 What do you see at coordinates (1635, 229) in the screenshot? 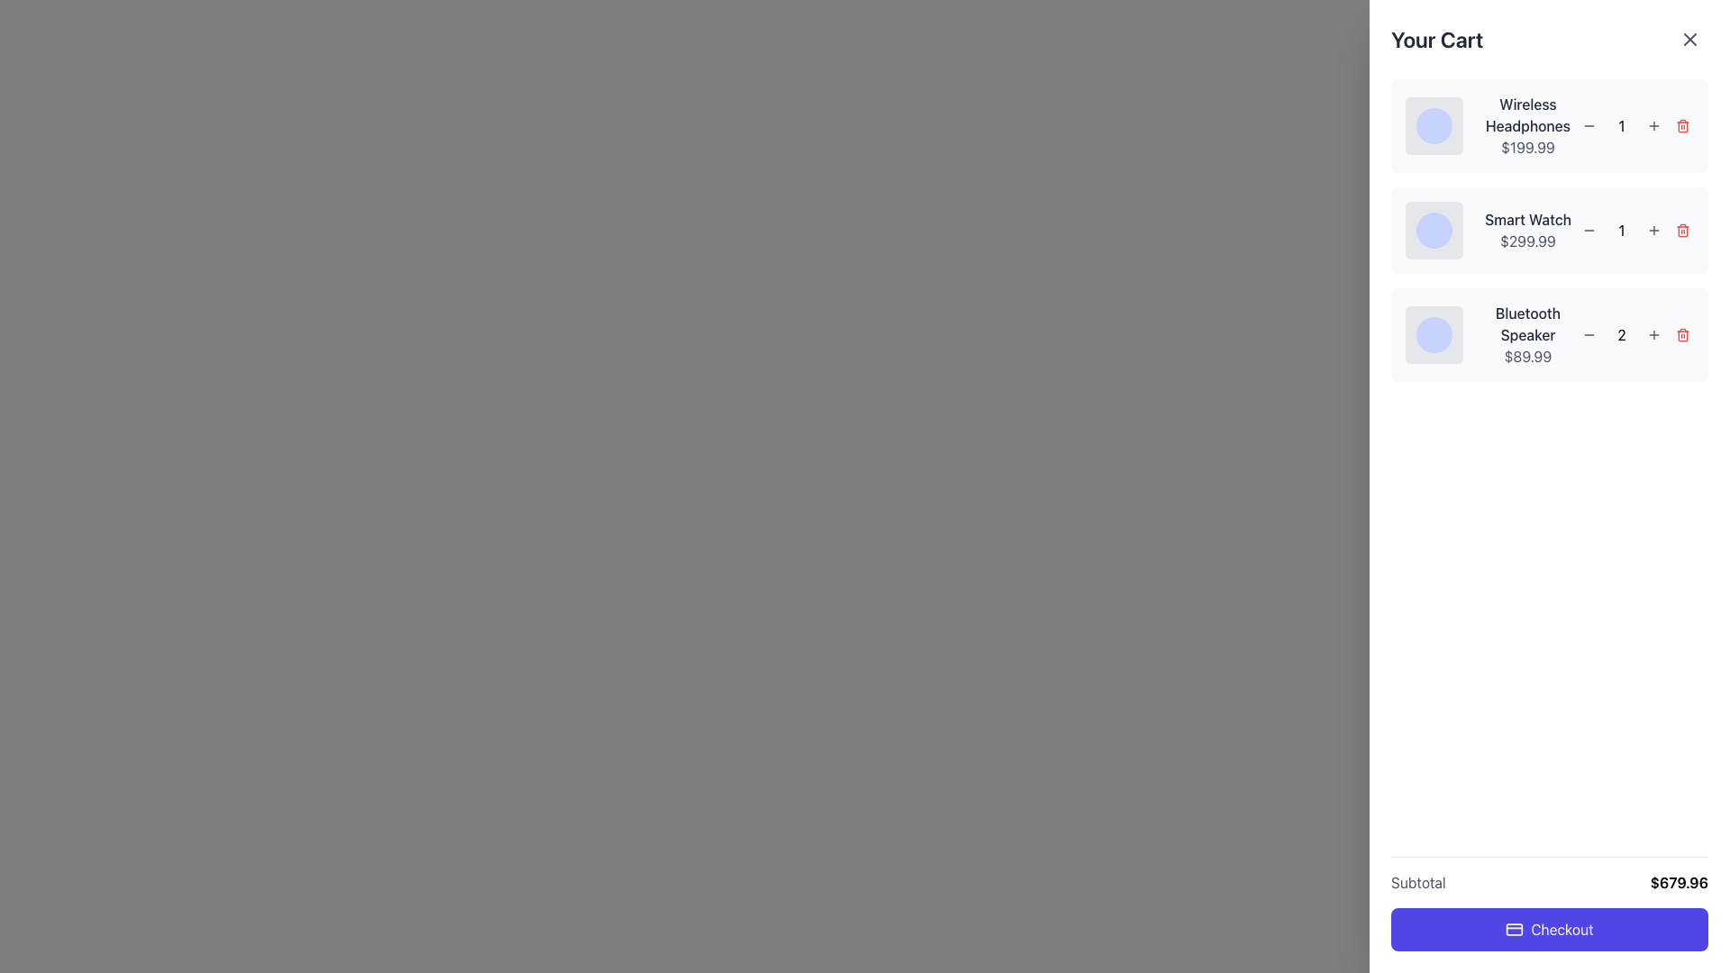
I see `the plus button in the quantity adjustment control for the Smart Watch item in the shopping cart to increase the quantity` at bounding box center [1635, 229].